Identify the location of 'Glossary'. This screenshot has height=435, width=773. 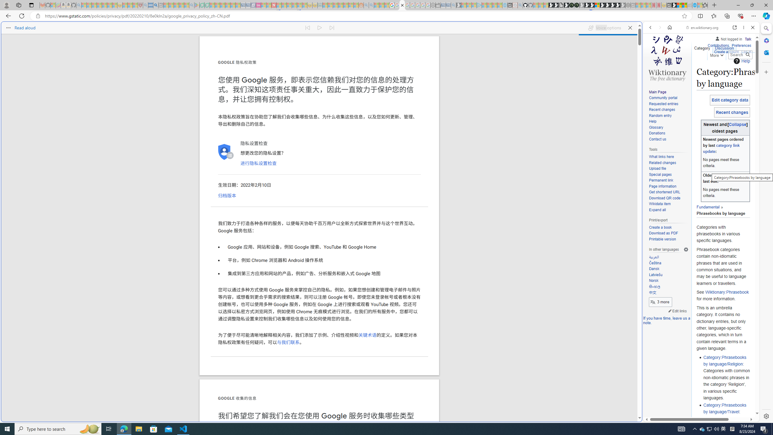
(656, 127).